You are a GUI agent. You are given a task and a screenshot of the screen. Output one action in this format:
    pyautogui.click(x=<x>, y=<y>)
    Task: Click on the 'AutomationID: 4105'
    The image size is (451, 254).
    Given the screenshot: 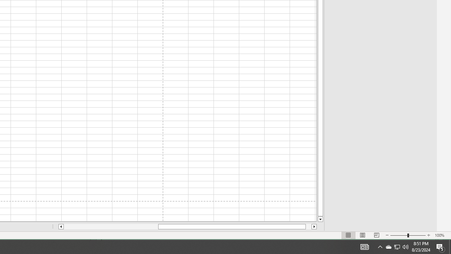 What is the action you would take?
    pyautogui.click(x=364, y=246)
    